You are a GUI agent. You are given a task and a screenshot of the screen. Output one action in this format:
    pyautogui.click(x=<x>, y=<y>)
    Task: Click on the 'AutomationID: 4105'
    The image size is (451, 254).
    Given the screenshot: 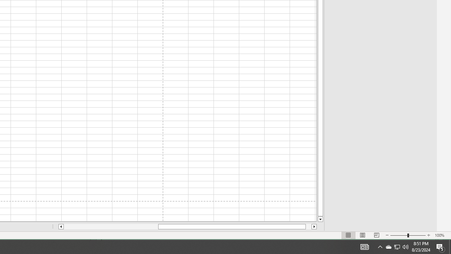 What is the action you would take?
    pyautogui.click(x=364, y=246)
    